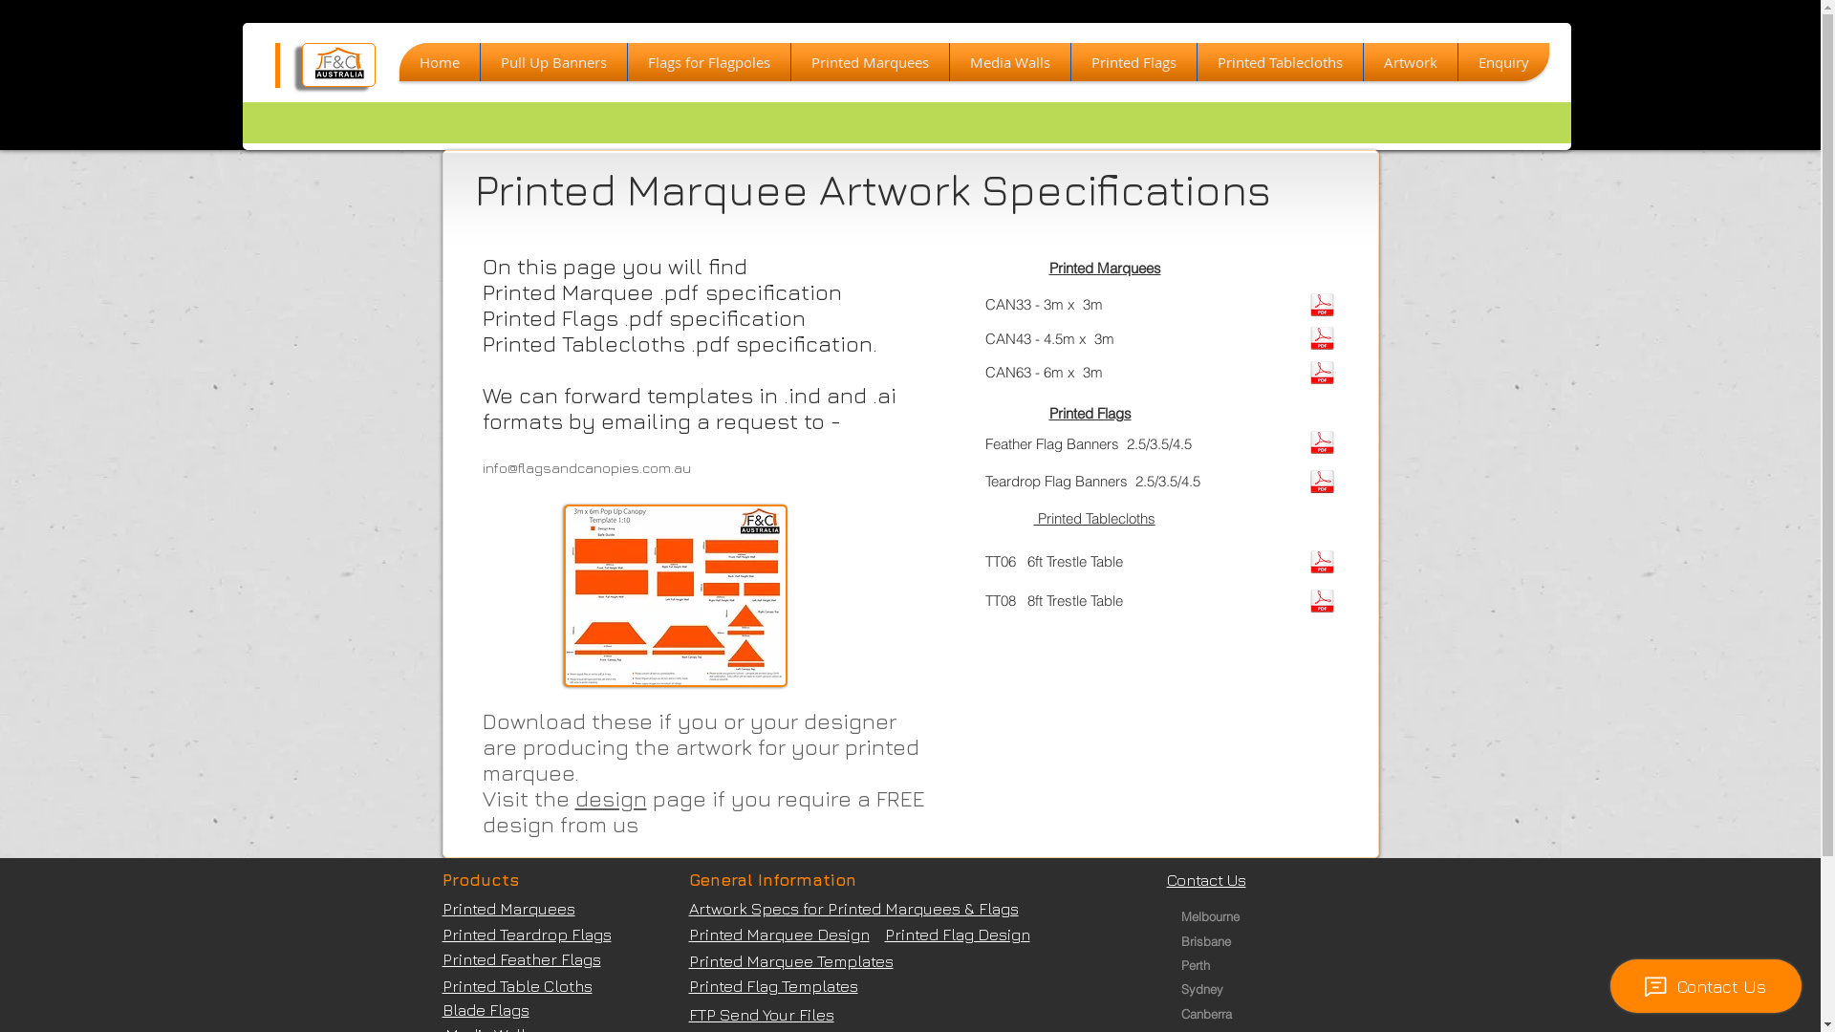 This screenshot has height=1032, width=1835. Describe the element at coordinates (485, 1008) in the screenshot. I see `'Blade Flags'` at that location.